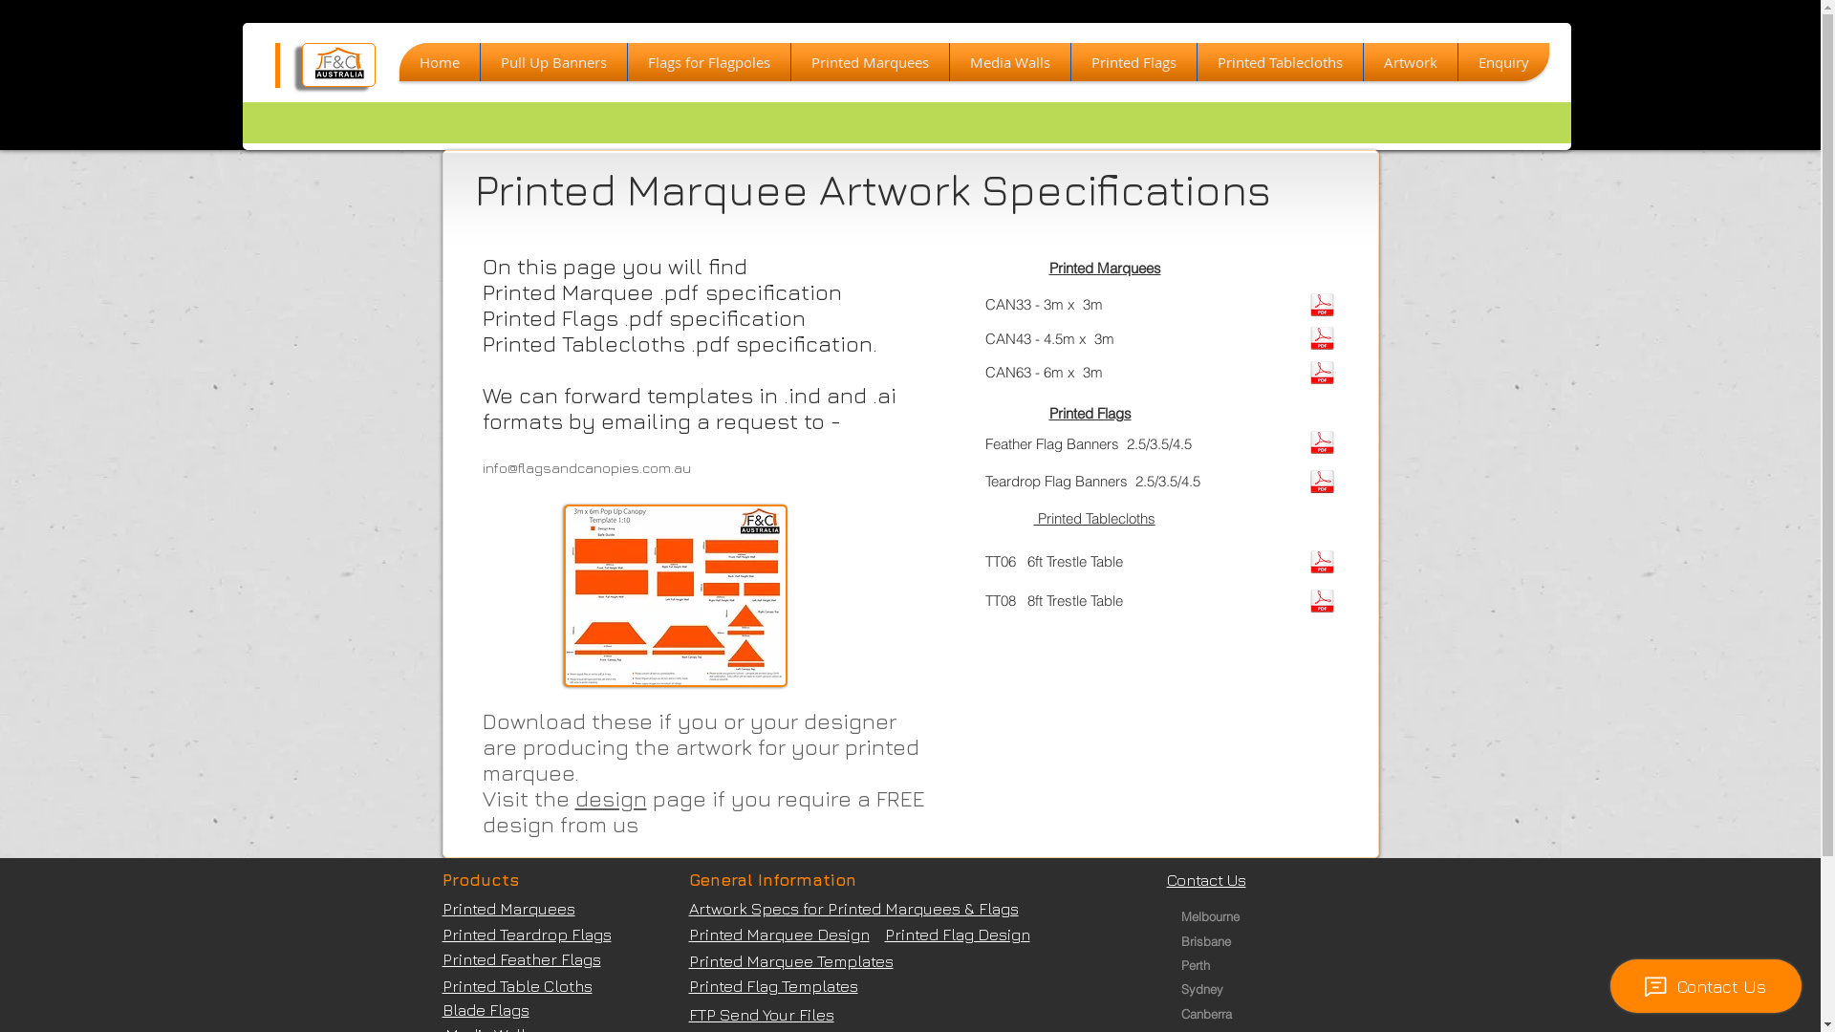 This screenshot has height=1032, width=1835. Describe the element at coordinates (485, 1008) in the screenshot. I see `'Blade Flags'` at that location.